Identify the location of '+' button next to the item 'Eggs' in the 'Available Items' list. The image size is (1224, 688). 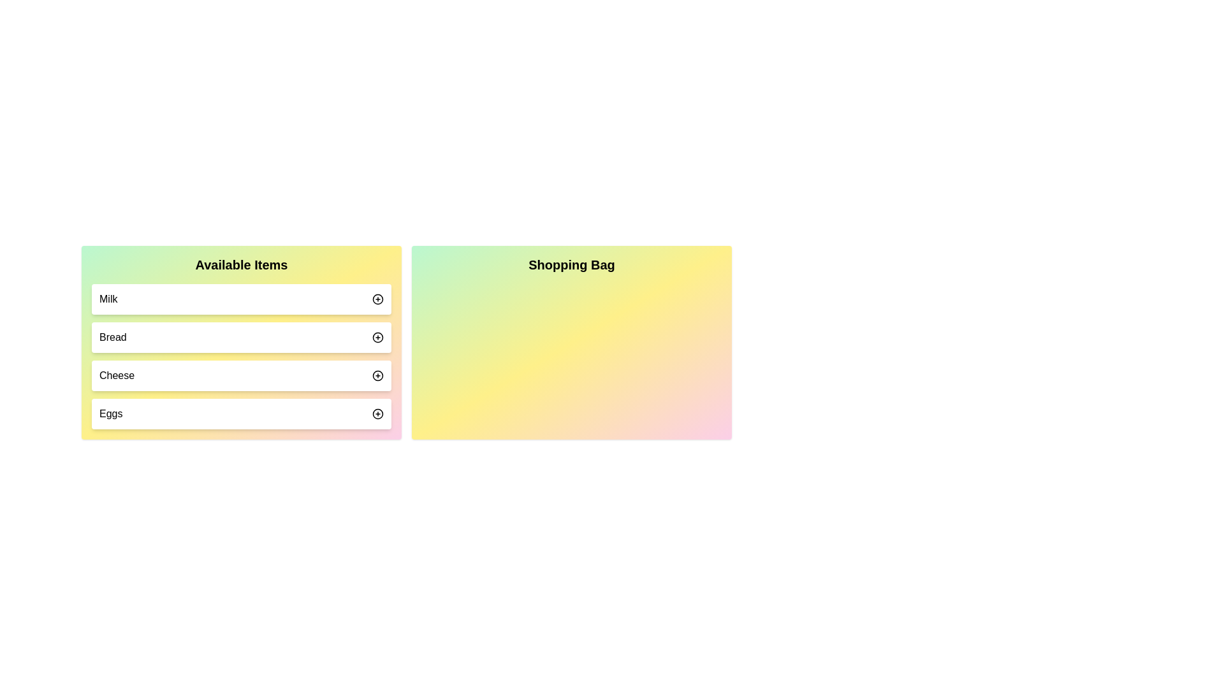
(377, 414).